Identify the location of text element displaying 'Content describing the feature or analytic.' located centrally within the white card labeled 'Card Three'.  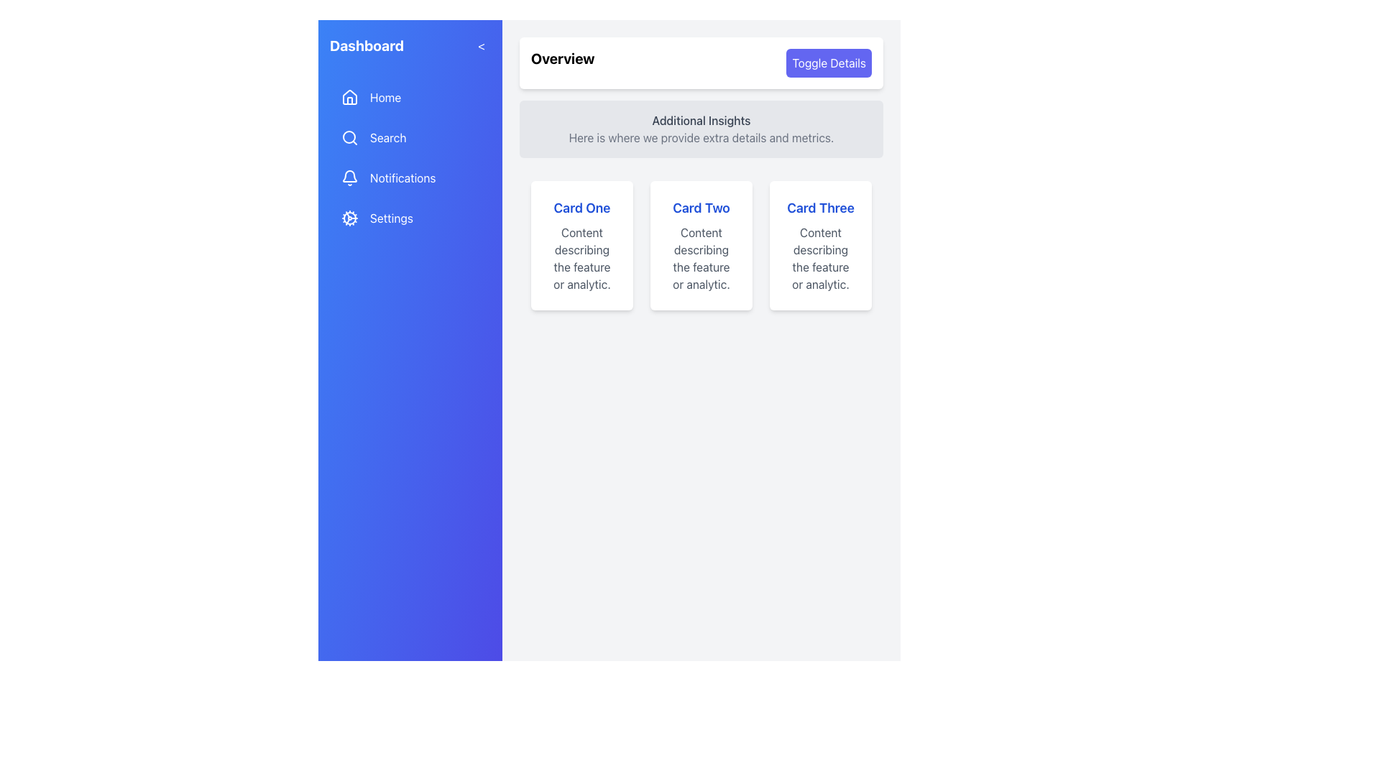
(821, 257).